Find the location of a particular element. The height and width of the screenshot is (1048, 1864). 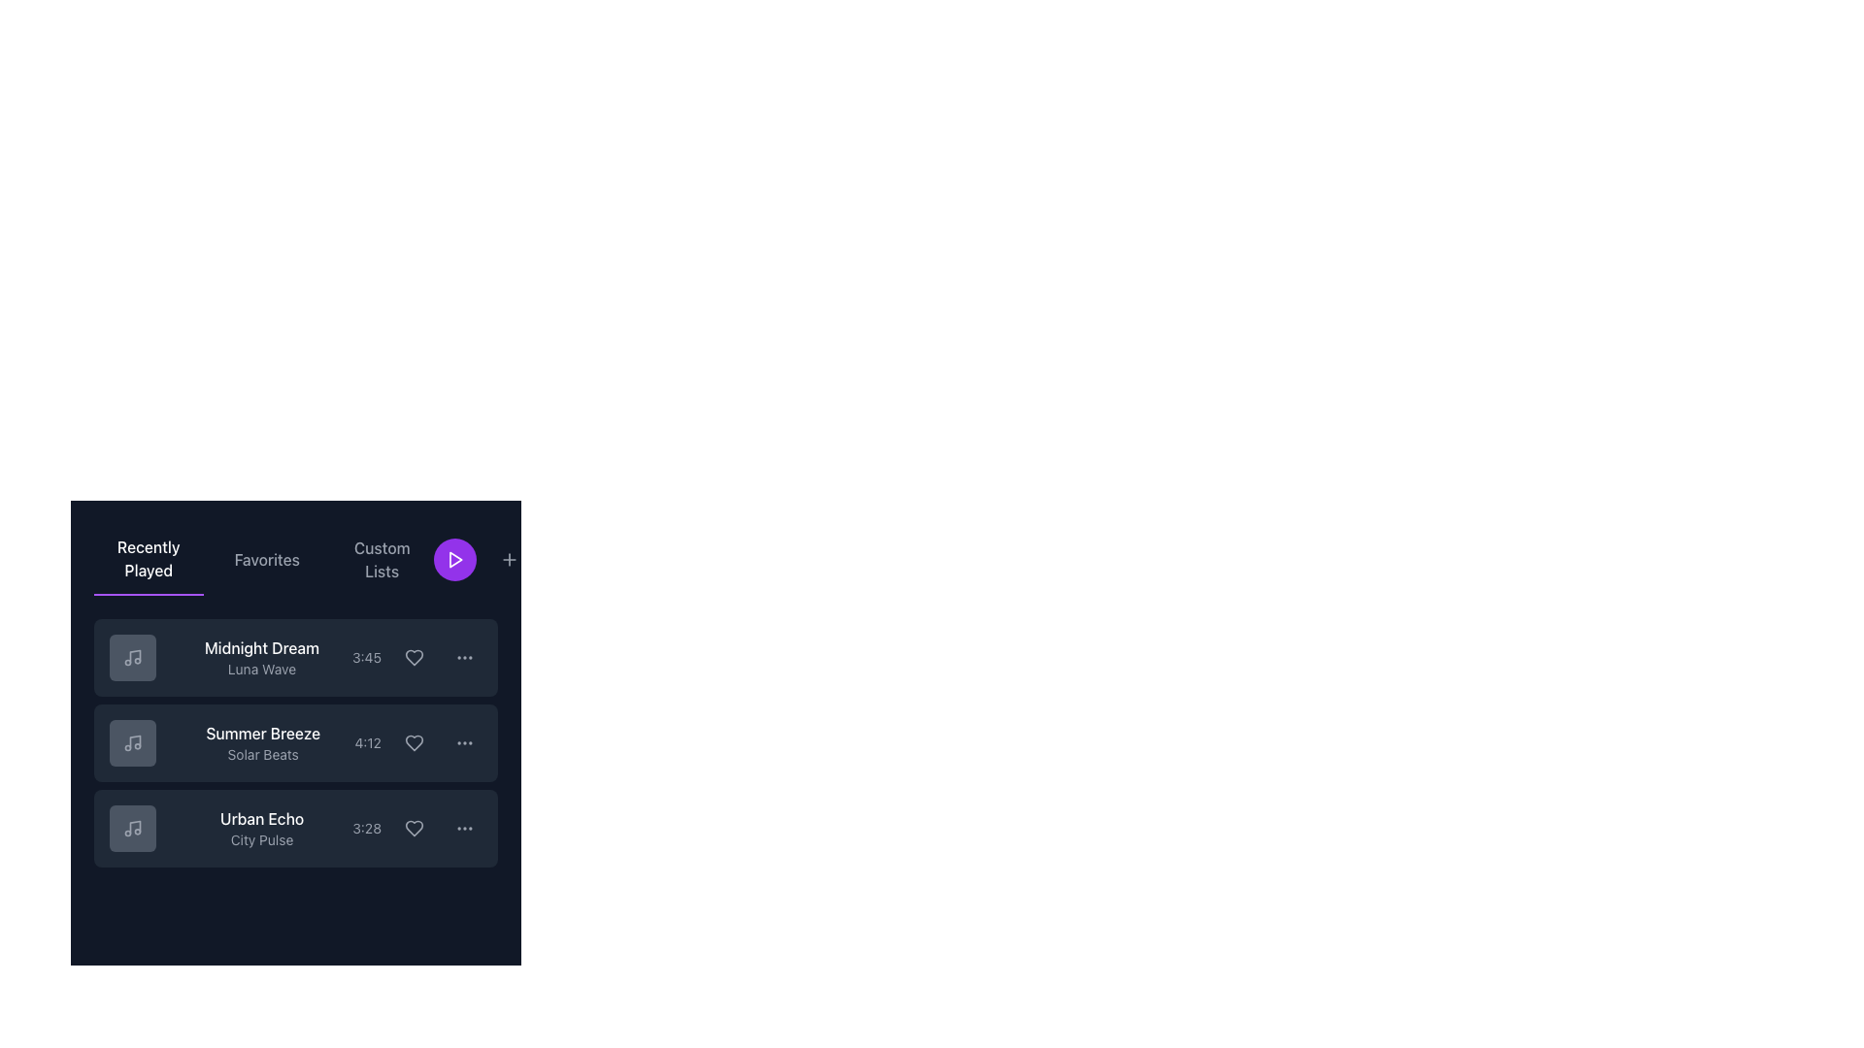

the icon button located on the far left of the third item in the 'Recently Played' list, which visually represents the song item is located at coordinates (132, 828).